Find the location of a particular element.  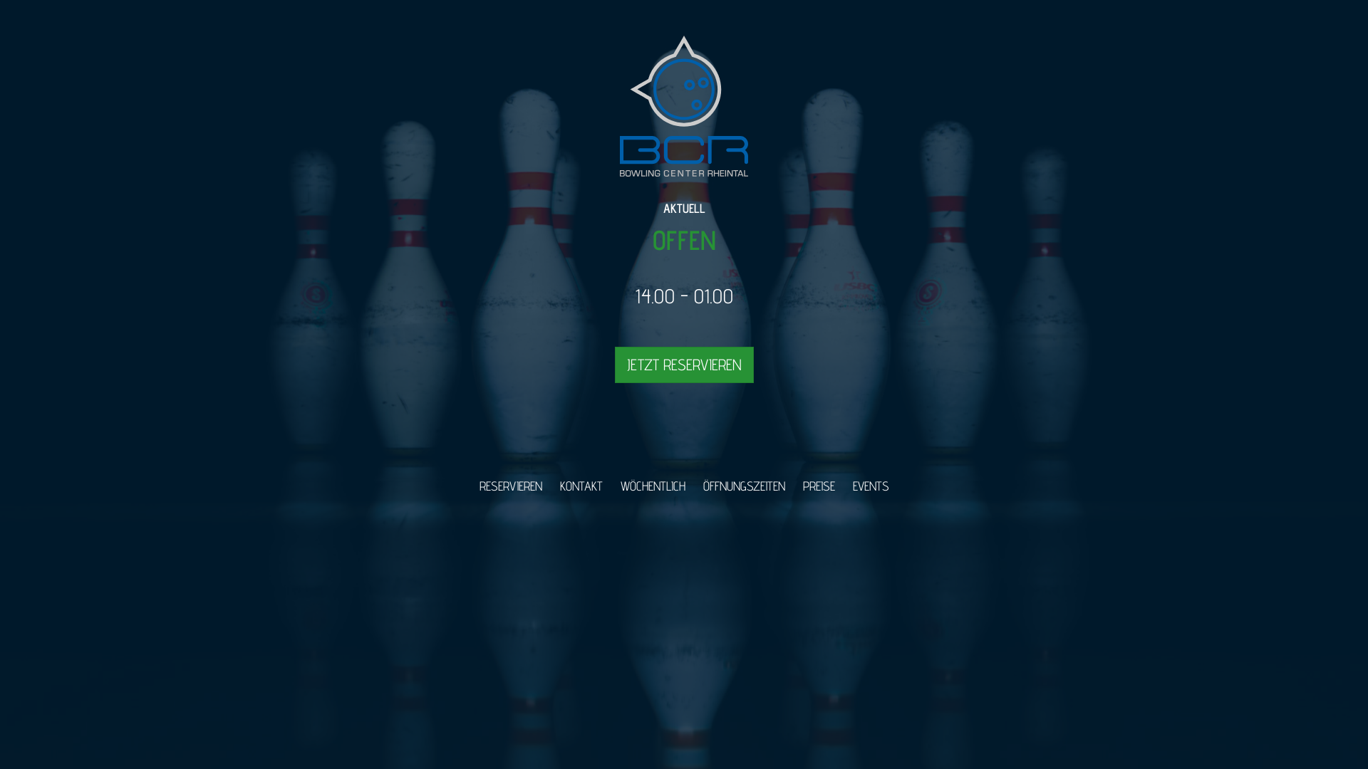

'JETZT RESERVIEREN' is located at coordinates (683, 364).